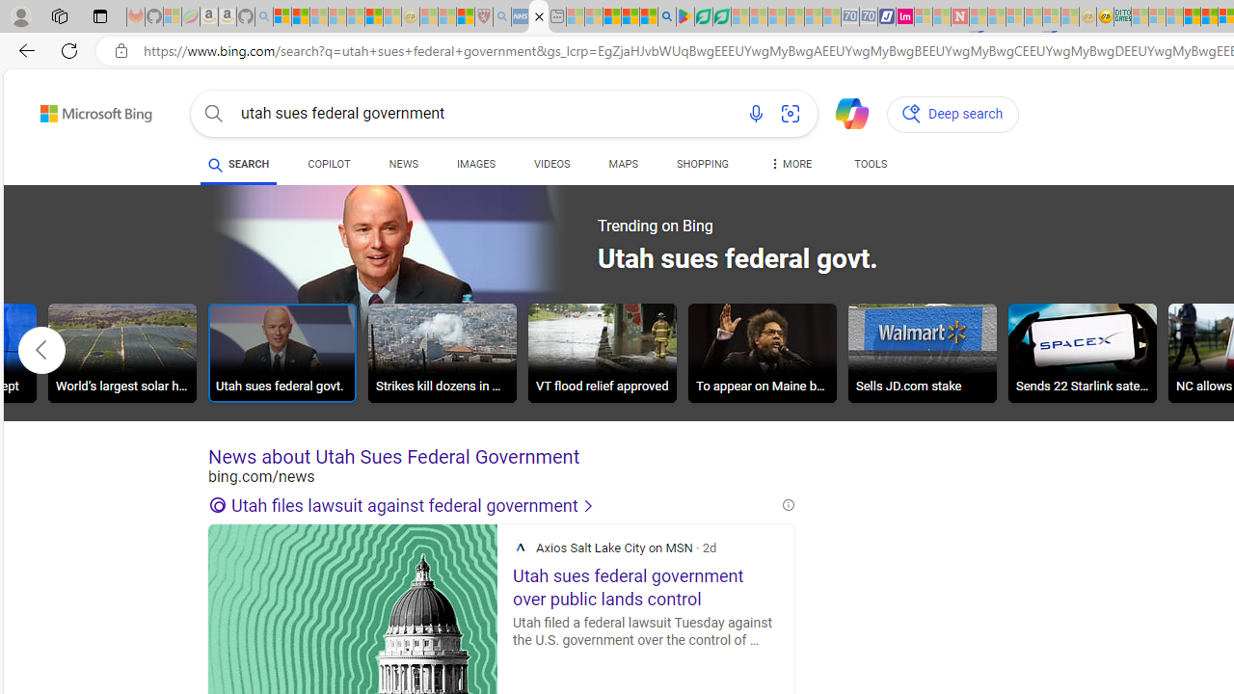 The height and width of the screenshot is (694, 1234). What do you see at coordinates (904, 16) in the screenshot?
I see `'Jobs - lastminute.com Investor Portal'` at bounding box center [904, 16].